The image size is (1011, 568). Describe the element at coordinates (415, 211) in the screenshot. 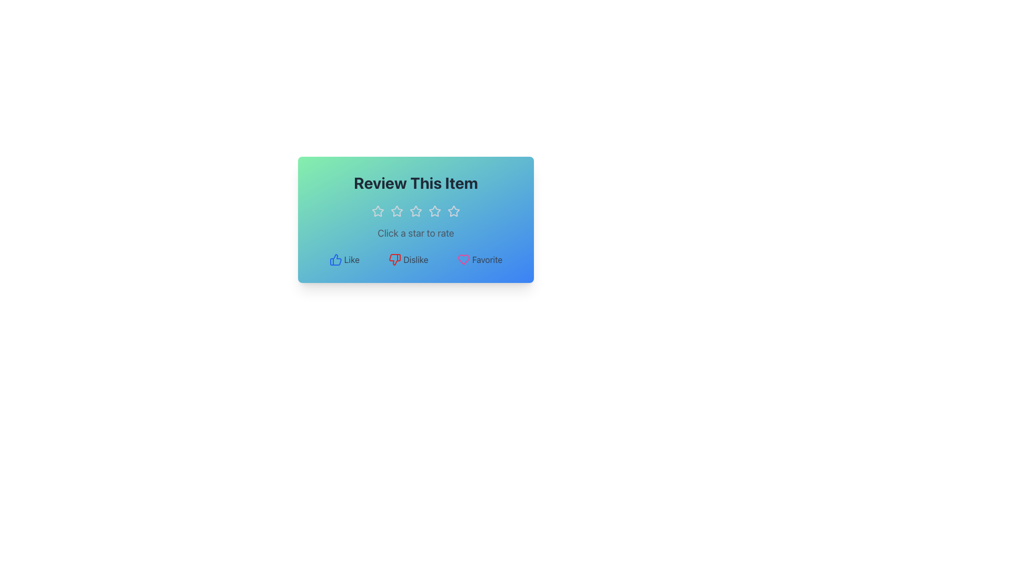

I see `the fourth star icon in the star rating component, located under 'Review This Item' and above 'Click a star to rate', to trigger the preview effect` at that location.